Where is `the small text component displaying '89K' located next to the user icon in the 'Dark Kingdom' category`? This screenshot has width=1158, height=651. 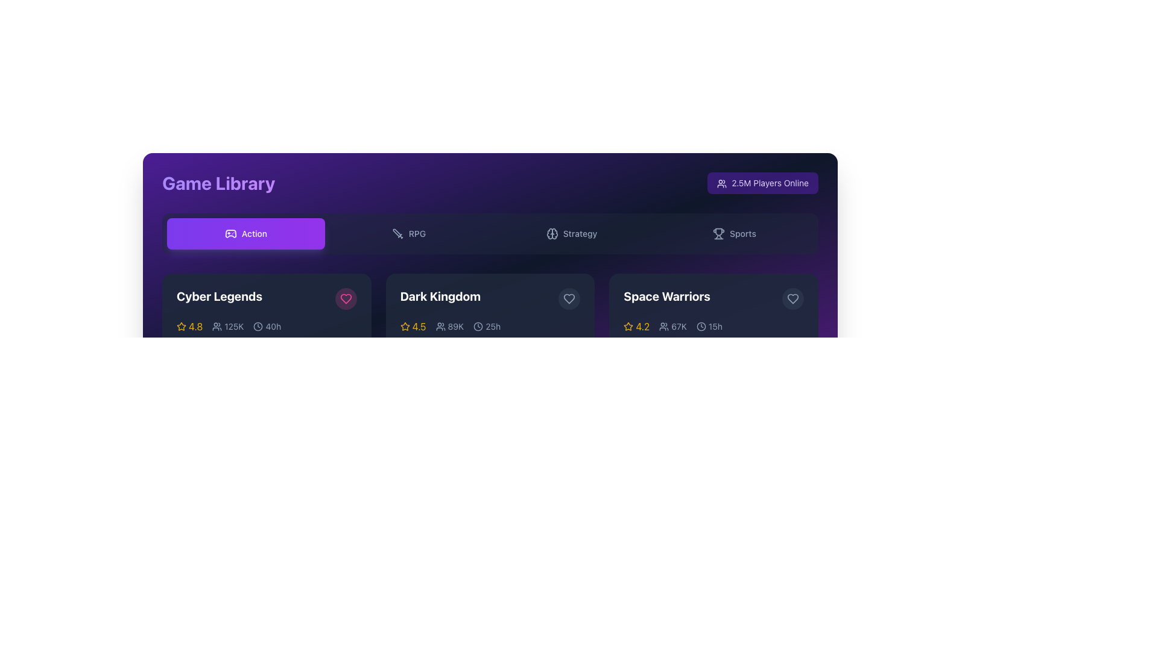
the small text component displaying '89K' located next to the user icon in the 'Dark Kingdom' category is located at coordinates (449, 327).